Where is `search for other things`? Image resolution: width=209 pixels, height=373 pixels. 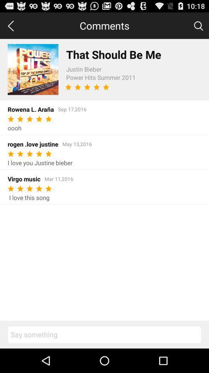 search for other things is located at coordinates (198, 25).